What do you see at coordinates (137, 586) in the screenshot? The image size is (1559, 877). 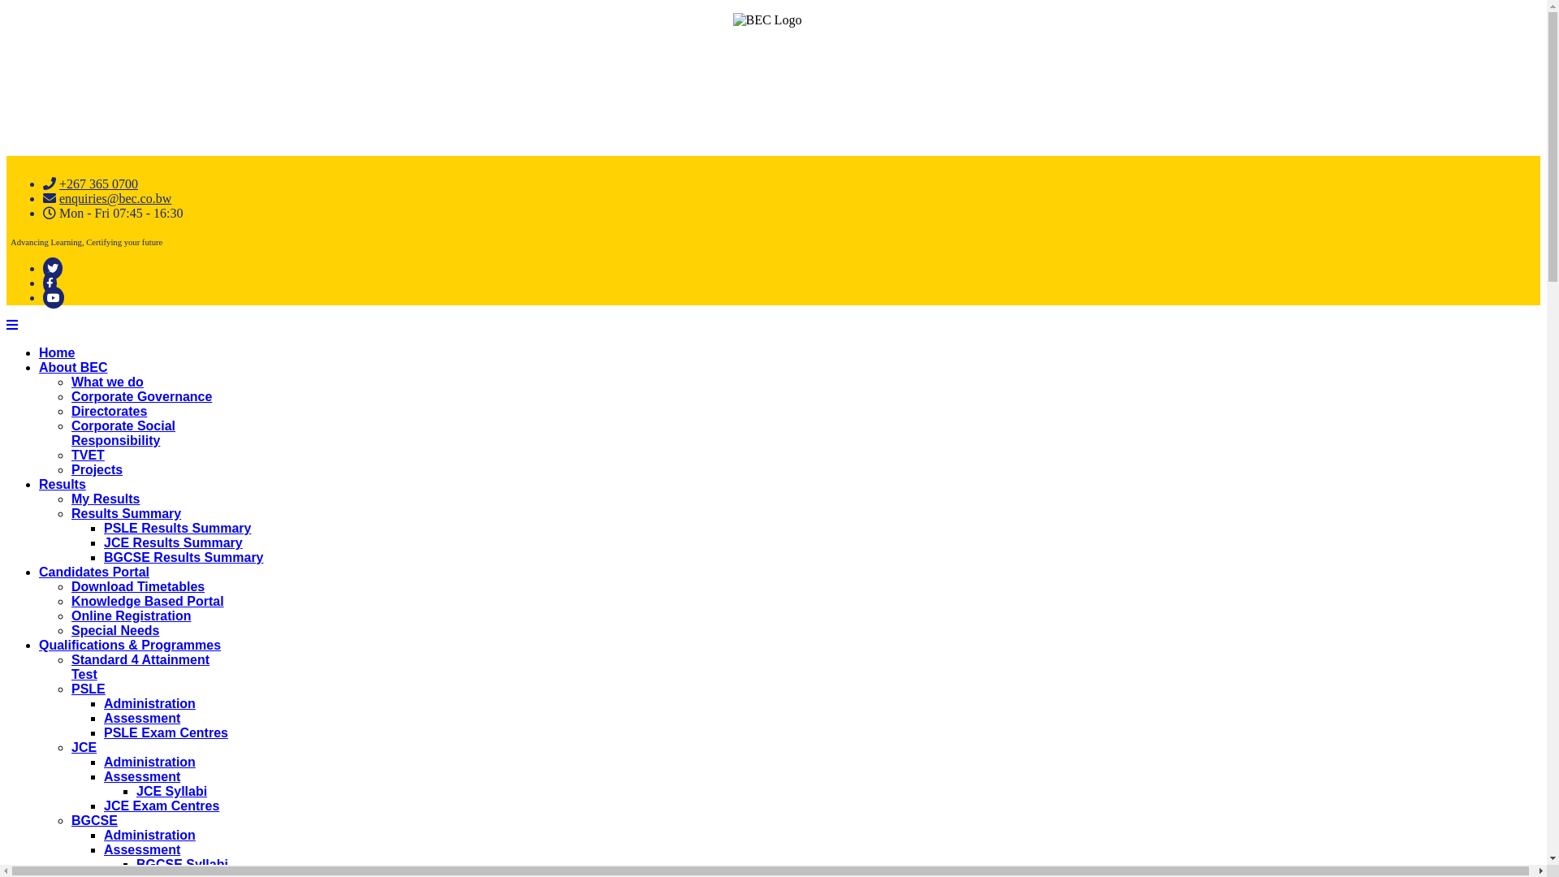 I see `'Download Timetables'` at bounding box center [137, 586].